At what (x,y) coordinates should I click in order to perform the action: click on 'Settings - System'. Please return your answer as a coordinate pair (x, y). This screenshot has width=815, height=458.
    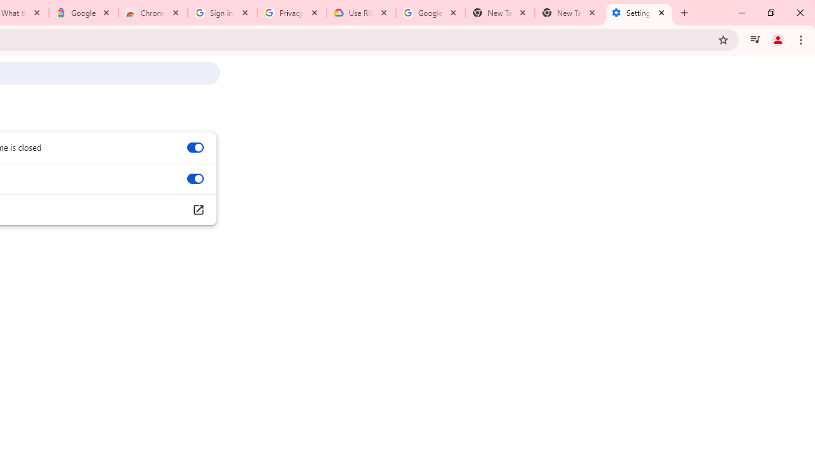
    Looking at the image, I should click on (639, 13).